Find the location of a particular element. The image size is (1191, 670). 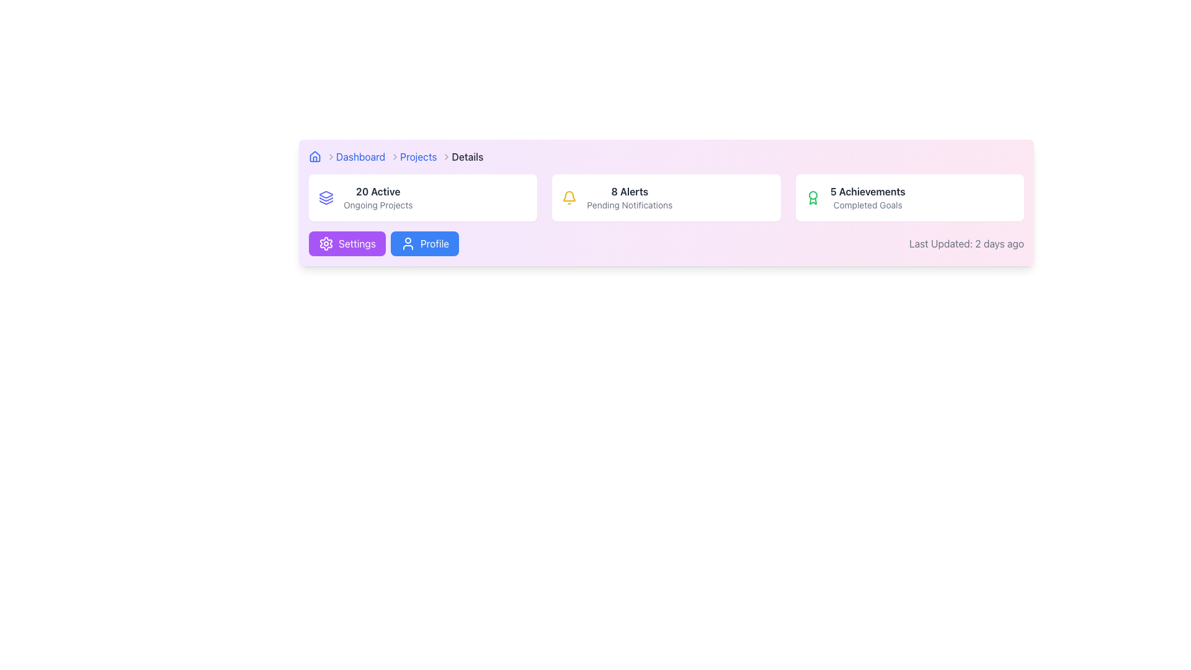

the hyperlink in the breadcrumb navigation that redirects users to the Projects-related page, located between 'Dashboard' and 'Details' is located at coordinates (418, 156).